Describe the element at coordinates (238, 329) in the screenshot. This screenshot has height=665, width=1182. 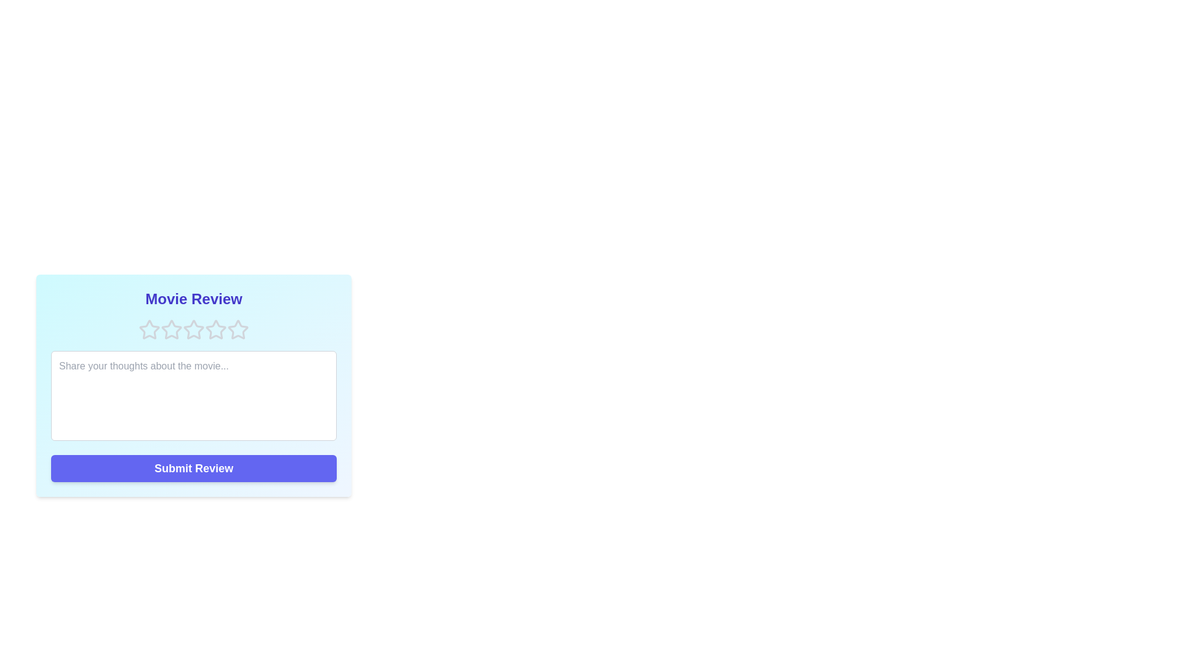
I see `the star corresponding to 5 rating` at that location.